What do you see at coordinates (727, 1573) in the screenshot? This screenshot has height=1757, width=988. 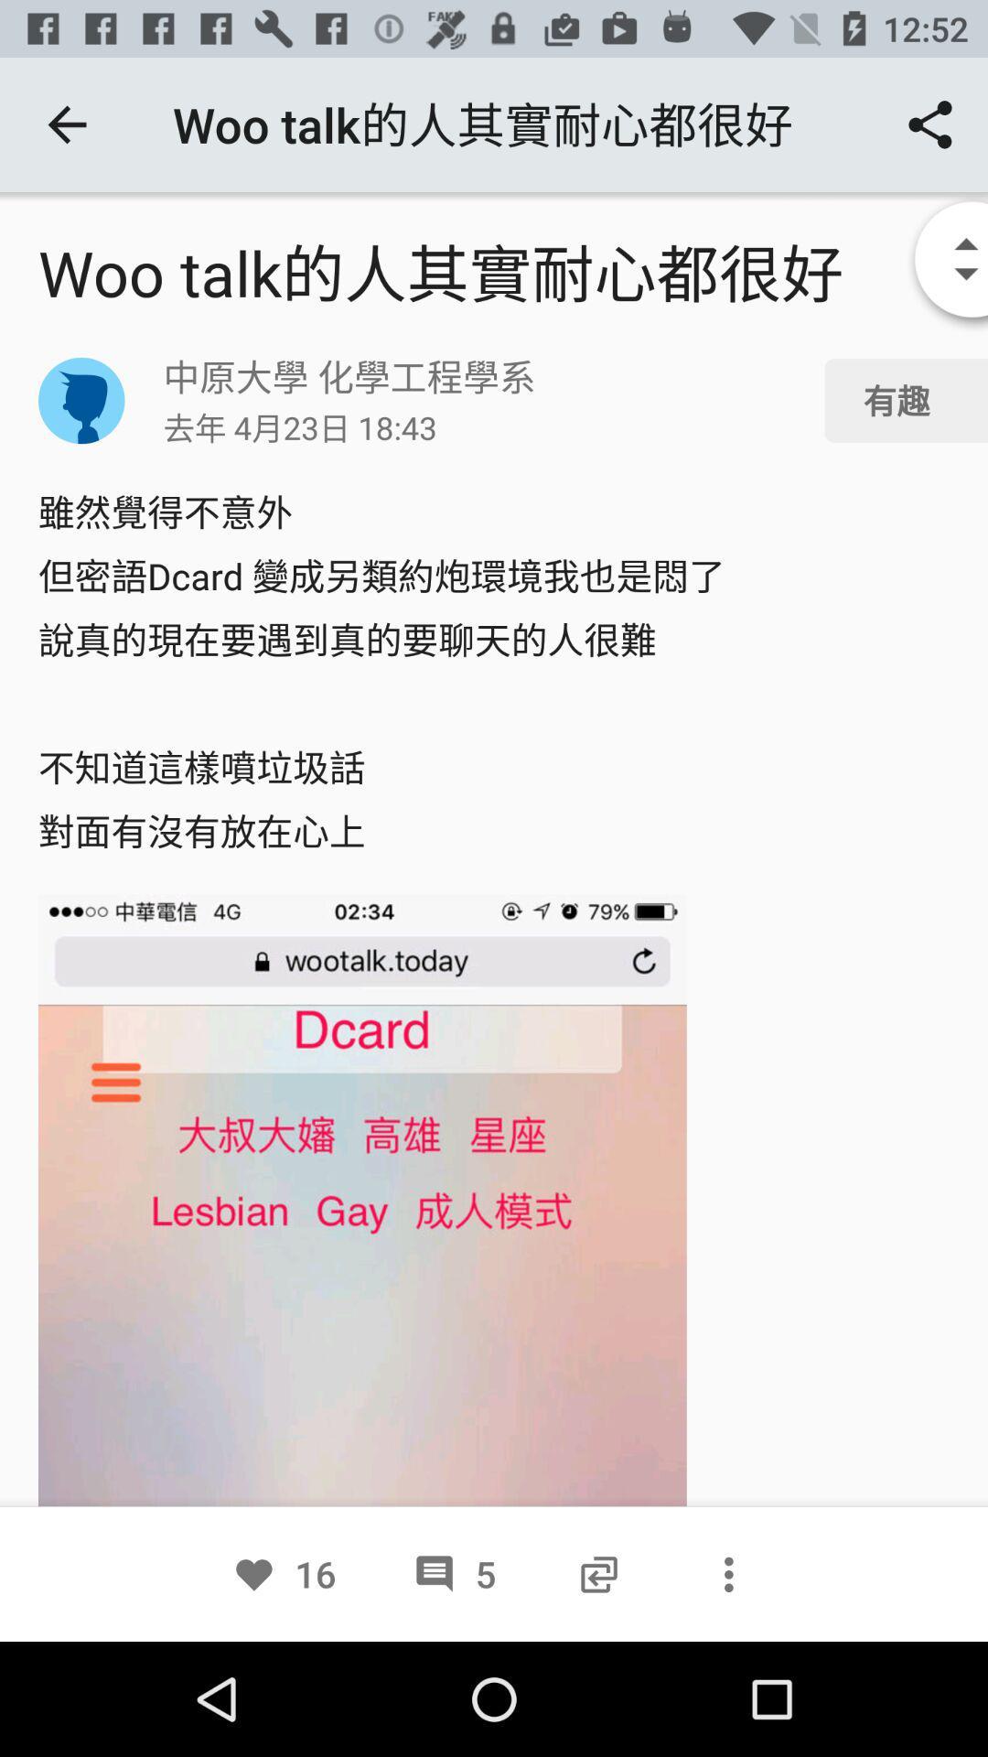 I see `icon at the bottom right corner` at bounding box center [727, 1573].